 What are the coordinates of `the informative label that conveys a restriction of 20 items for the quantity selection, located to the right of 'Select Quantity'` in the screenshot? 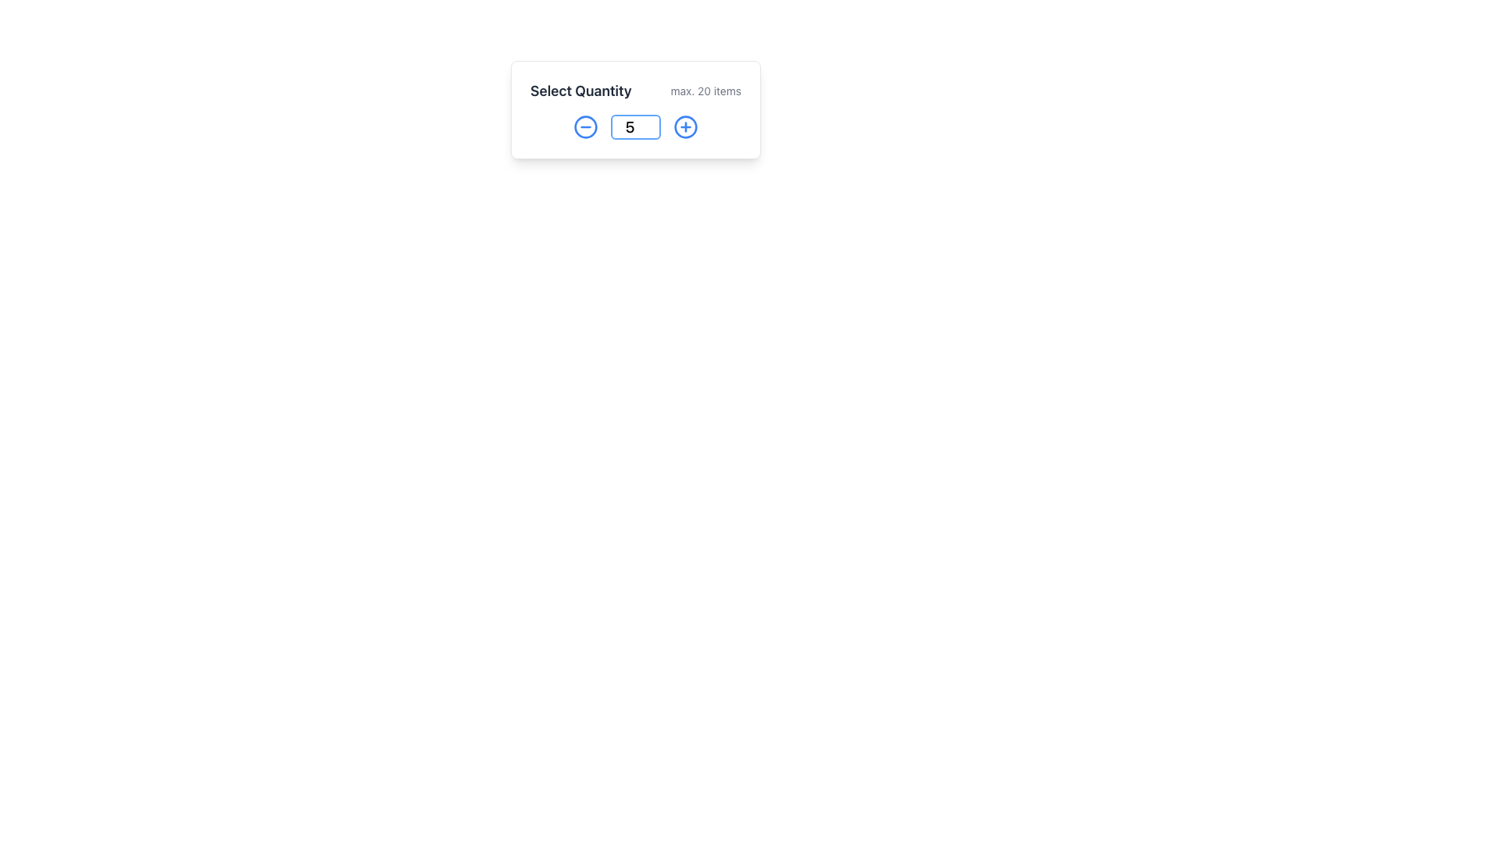 It's located at (705, 91).